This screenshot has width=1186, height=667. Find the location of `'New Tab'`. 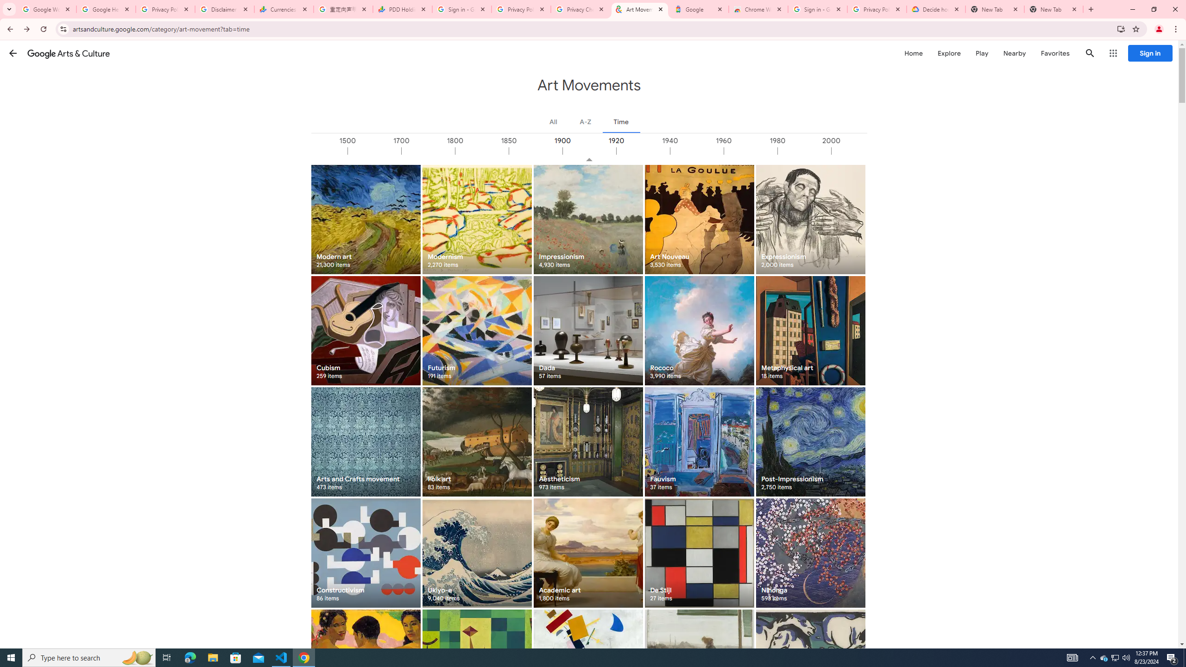

'New Tab' is located at coordinates (1054, 9).